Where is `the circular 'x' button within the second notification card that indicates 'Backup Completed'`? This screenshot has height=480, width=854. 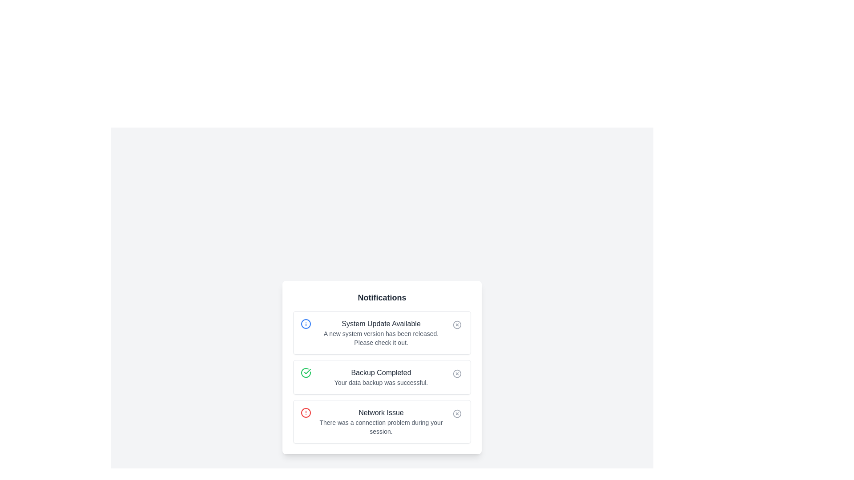 the circular 'x' button within the second notification card that indicates 'Backup Completed' is located at coordinates (457, 373).